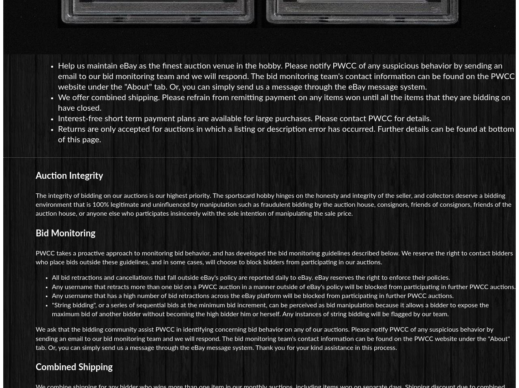  Describe the element at coordinates (286, 134) in the screenshot. I see `'Returns are only accepted for auctions in which a listing or description error has occurred. Further details can be found at bottom of this page.'` at that location.